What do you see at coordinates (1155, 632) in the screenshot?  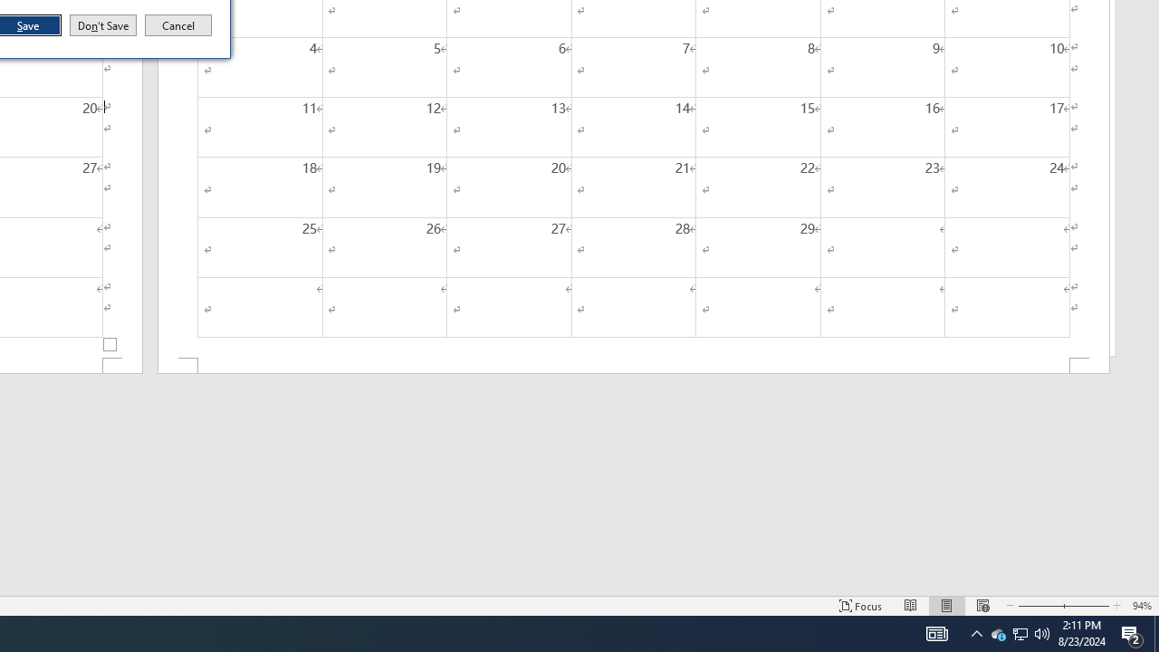 I see `'Show desktop'` at bounding box center [1155, 632].